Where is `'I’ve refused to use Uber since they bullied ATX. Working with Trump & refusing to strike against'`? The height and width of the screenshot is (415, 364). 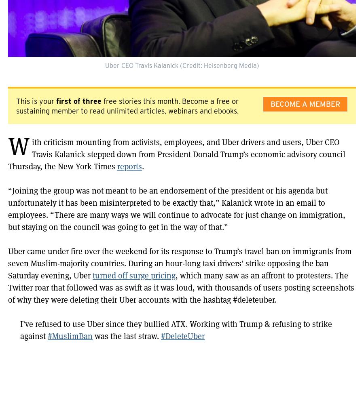
'I’ve refused to use Uber since they bullied ATX. Working with Trump & refusing to strike against' is located at coordinates (176, 330).